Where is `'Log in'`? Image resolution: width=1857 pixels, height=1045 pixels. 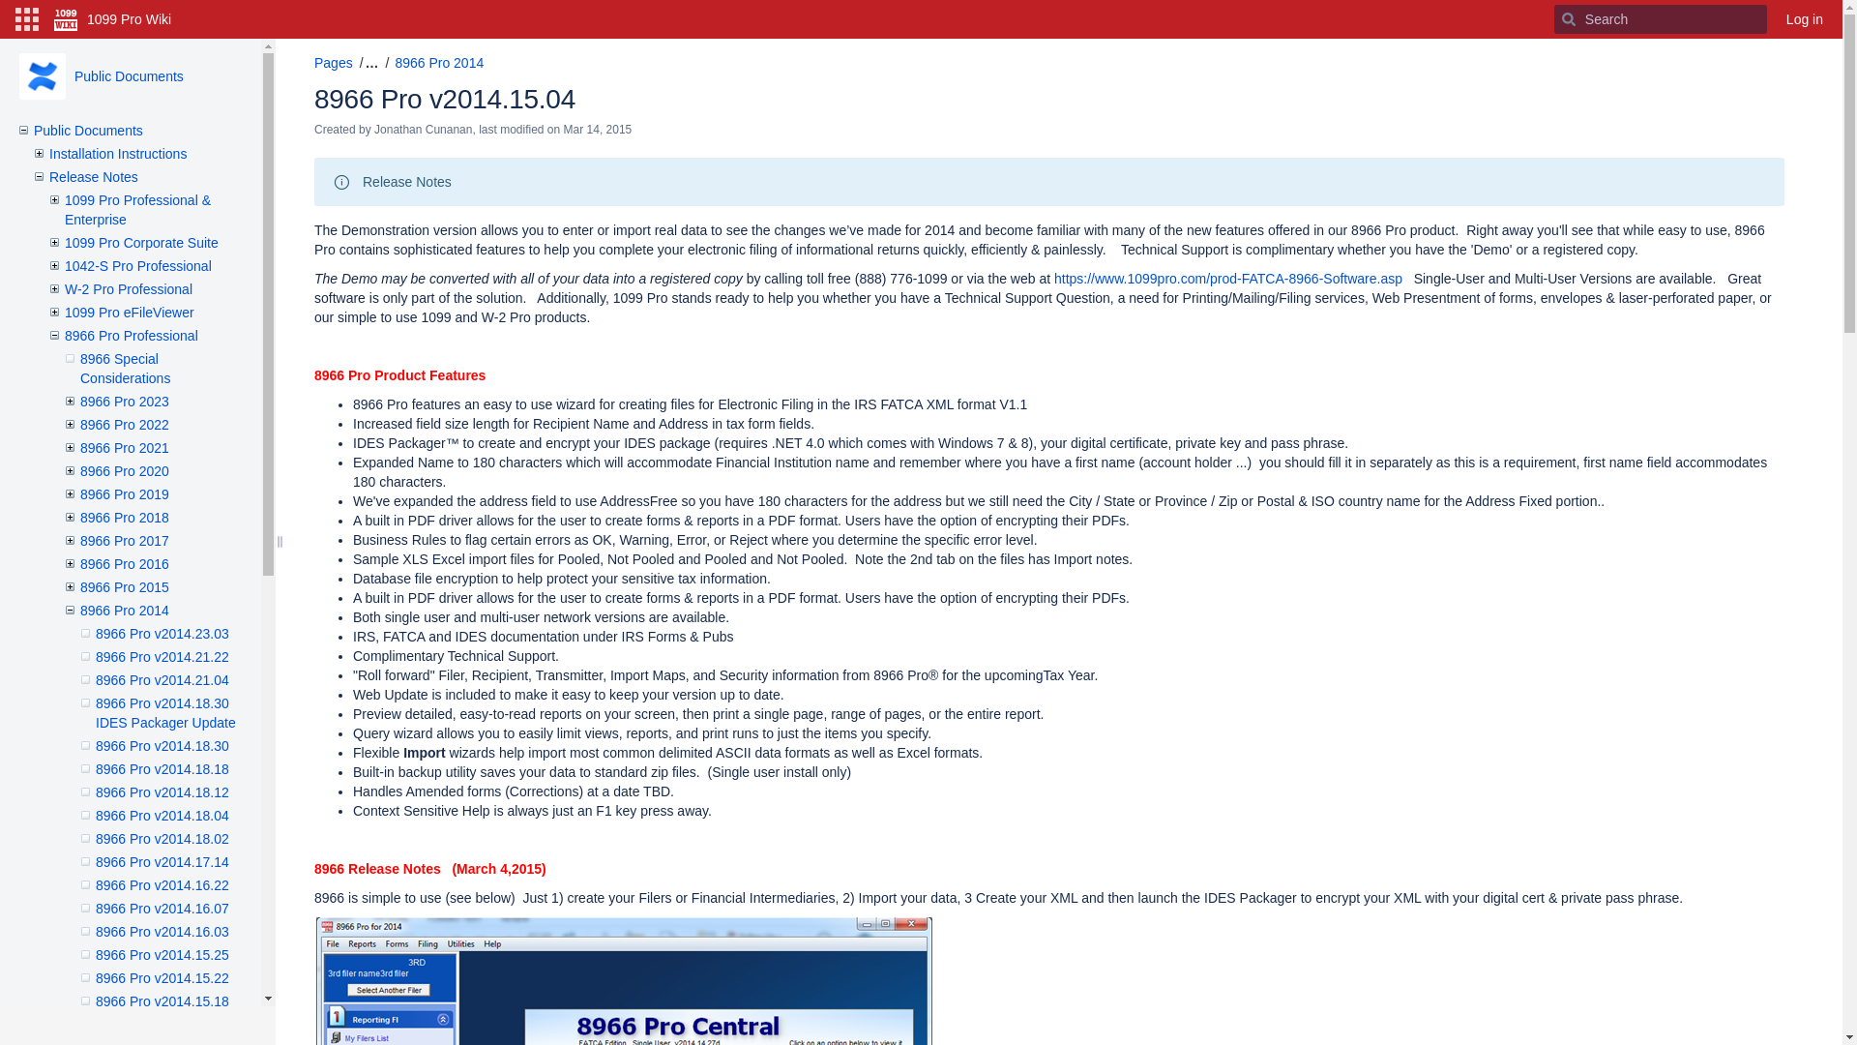 'Log in' is located at coordinates (1804, 18).